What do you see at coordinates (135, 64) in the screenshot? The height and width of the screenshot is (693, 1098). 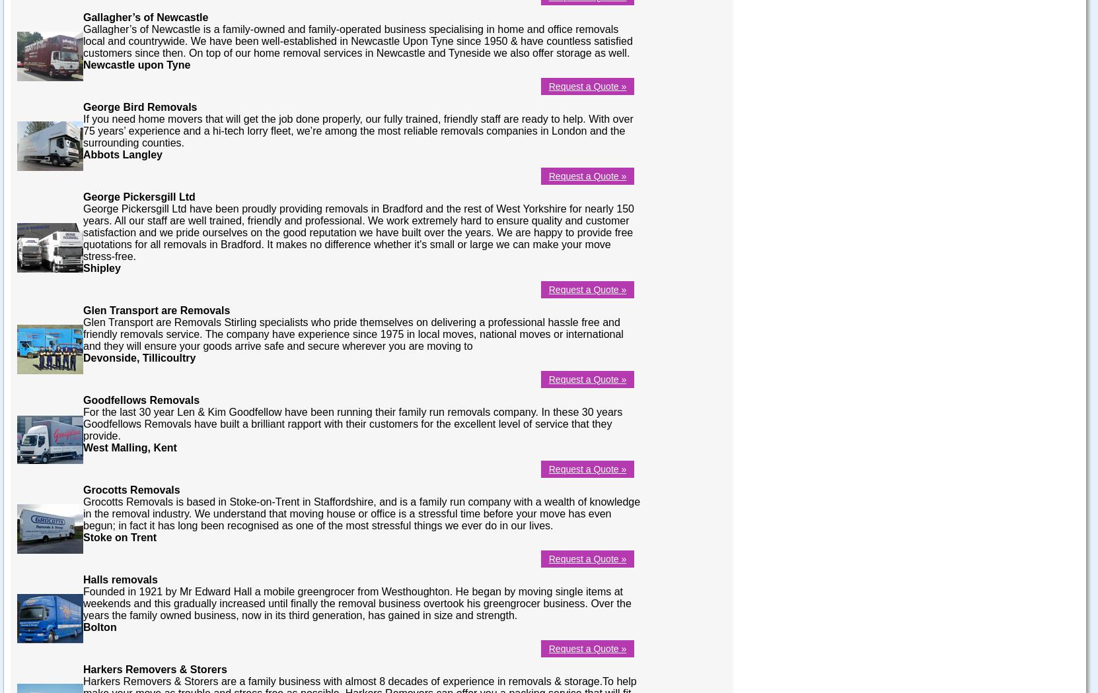 I see `'Newcastle upon Tyne'` at bounding box center [135, 64].